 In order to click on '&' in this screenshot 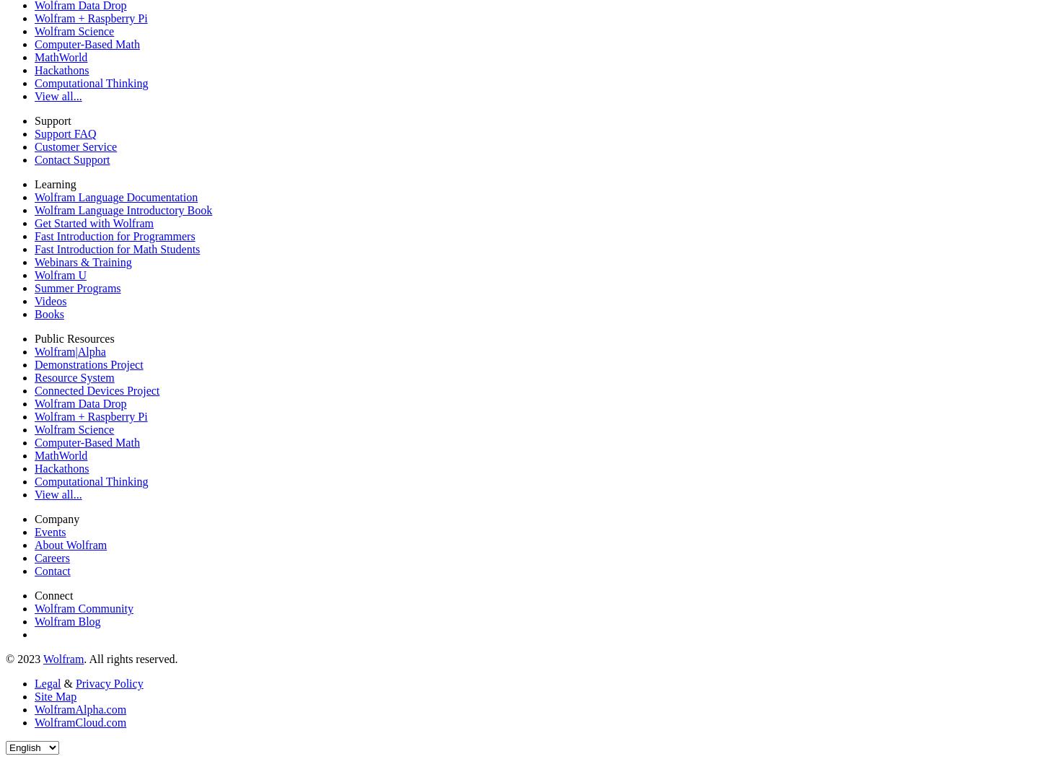, I will do `click(60, 683)`.